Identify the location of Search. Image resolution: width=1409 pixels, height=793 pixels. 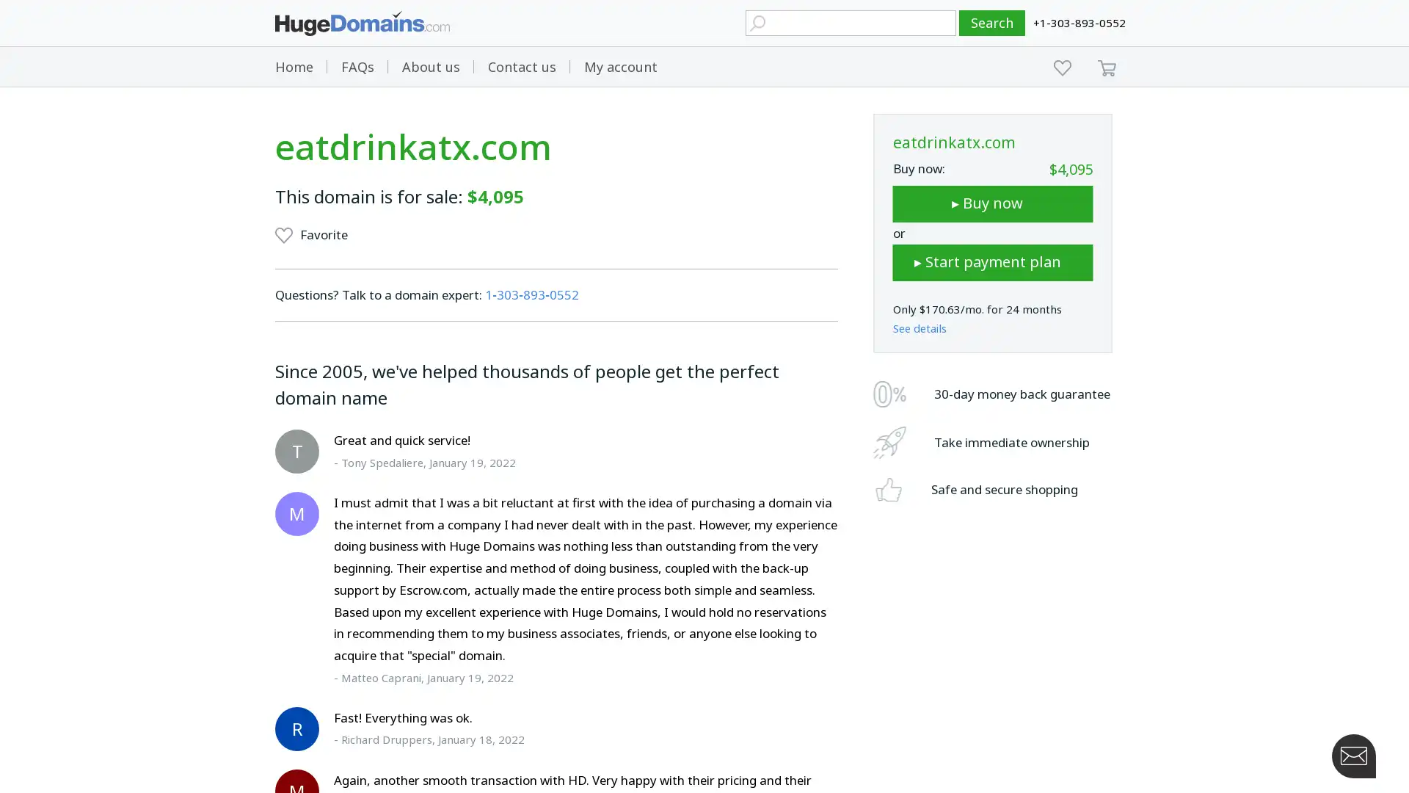
(992, 23).